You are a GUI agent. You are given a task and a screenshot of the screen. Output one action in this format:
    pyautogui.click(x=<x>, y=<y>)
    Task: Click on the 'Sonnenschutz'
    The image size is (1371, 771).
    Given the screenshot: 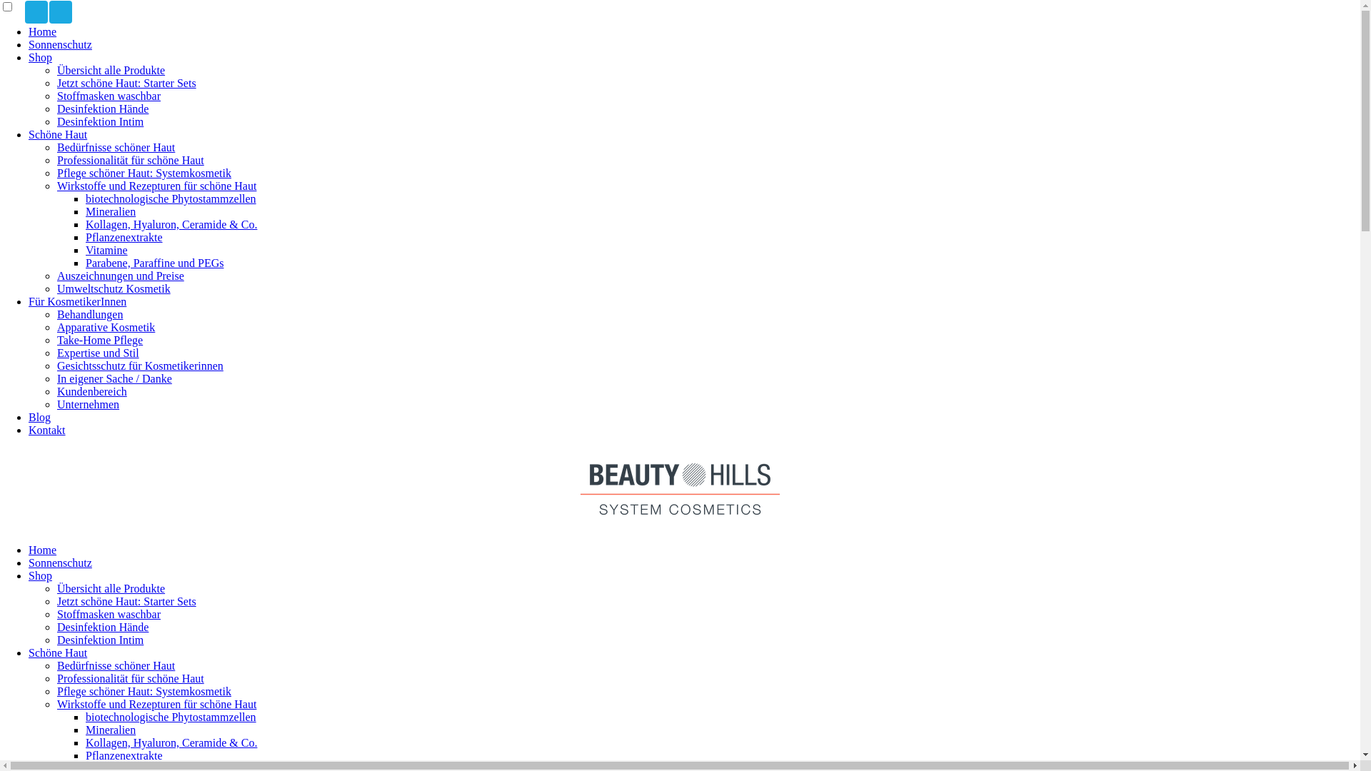 What is the action you would take?
    pyautogui.click(x=59, y=562)
    